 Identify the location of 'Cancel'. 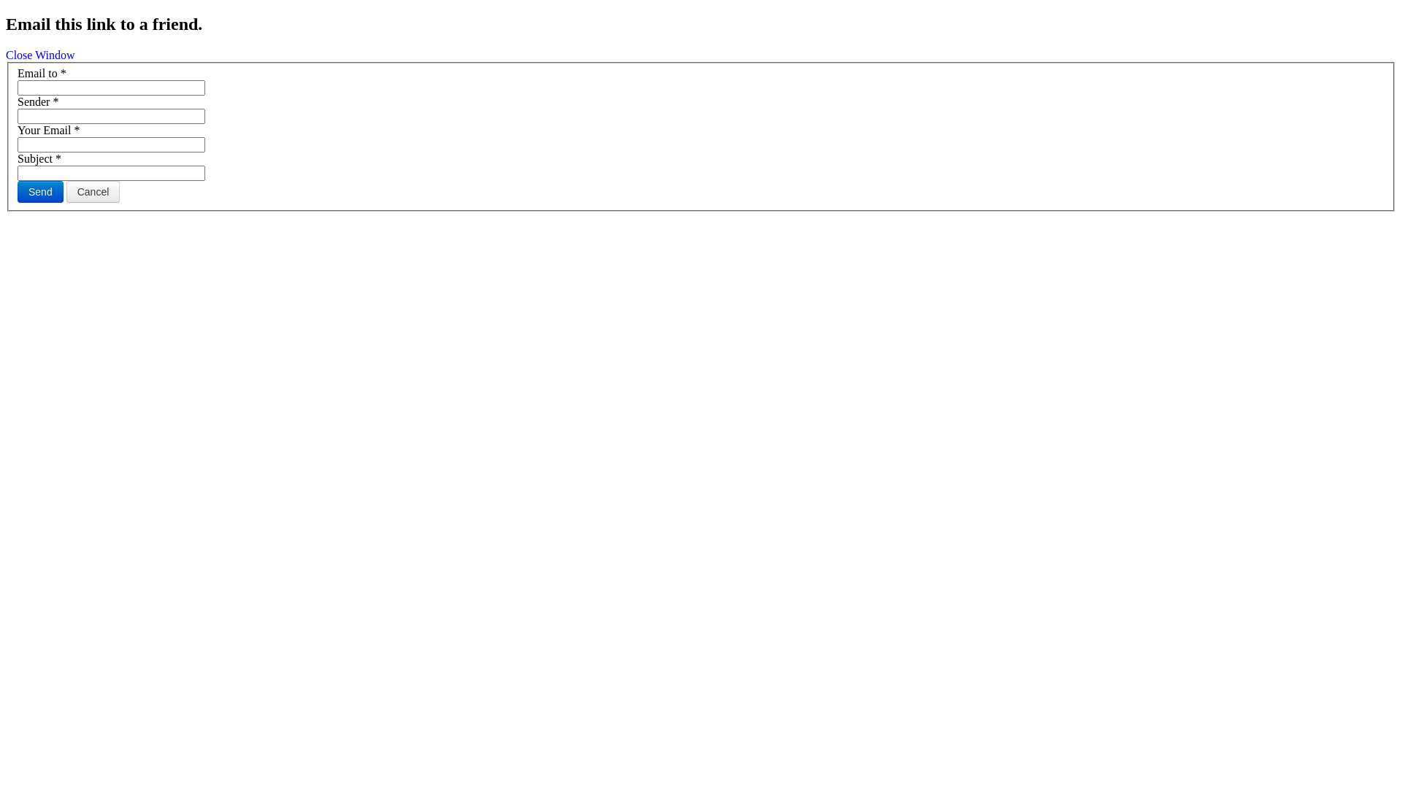
(93, 190).